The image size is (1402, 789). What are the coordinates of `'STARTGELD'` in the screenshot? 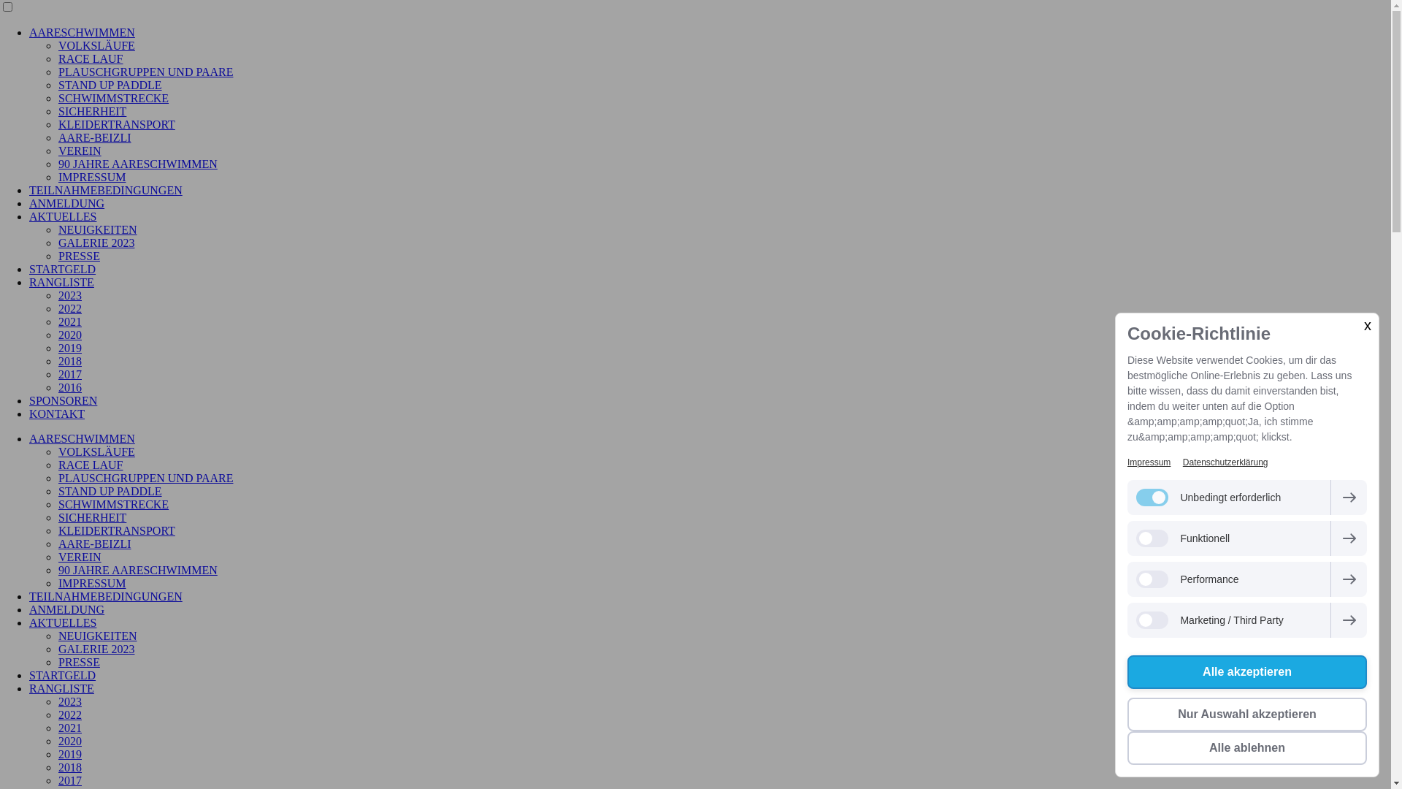 It's located at (28, 675).